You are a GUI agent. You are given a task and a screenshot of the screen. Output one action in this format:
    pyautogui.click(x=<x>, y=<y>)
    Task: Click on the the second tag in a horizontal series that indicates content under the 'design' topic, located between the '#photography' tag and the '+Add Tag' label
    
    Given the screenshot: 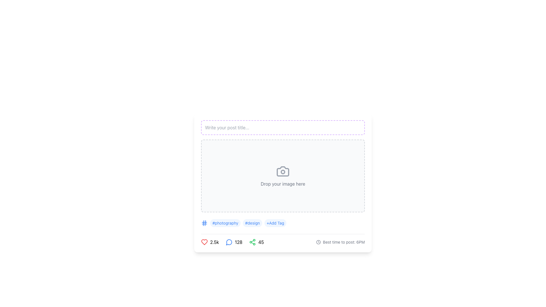 What is the action you would take?
    pyautogui.click(x=252, y=223)
    